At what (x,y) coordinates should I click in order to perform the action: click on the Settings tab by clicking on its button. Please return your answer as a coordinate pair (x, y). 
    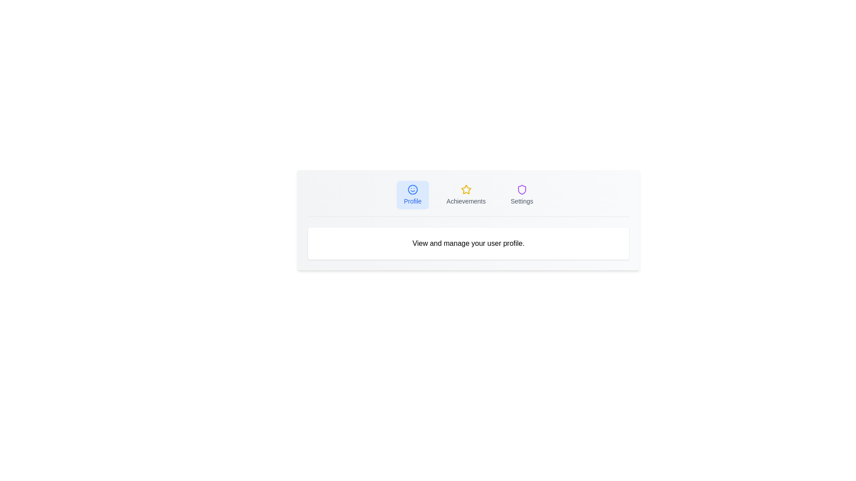
    Looking at the image, I should click on (522, 195).